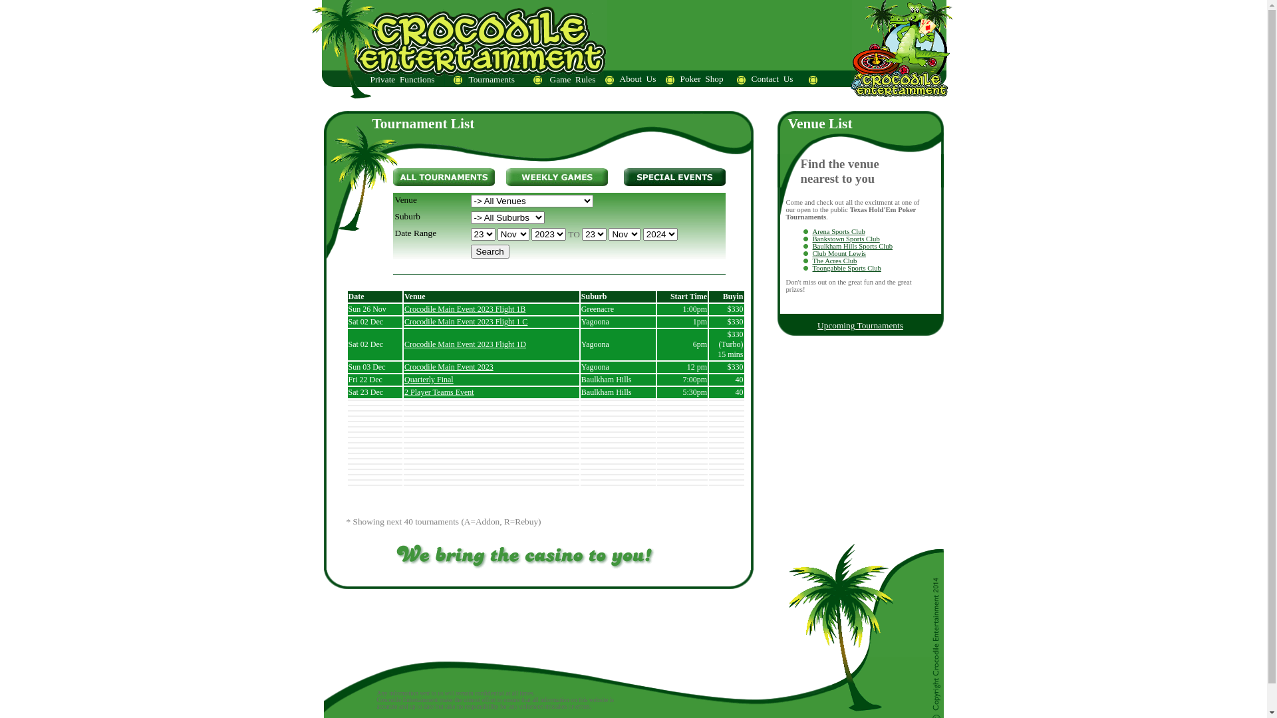 Image resolution: width=1277 pixels, height=718 pixels. What do you see at coordinates (845, 238) in the screenshot?
I see `'Bankstown Sports Club'` at bounding box center [845, 238].